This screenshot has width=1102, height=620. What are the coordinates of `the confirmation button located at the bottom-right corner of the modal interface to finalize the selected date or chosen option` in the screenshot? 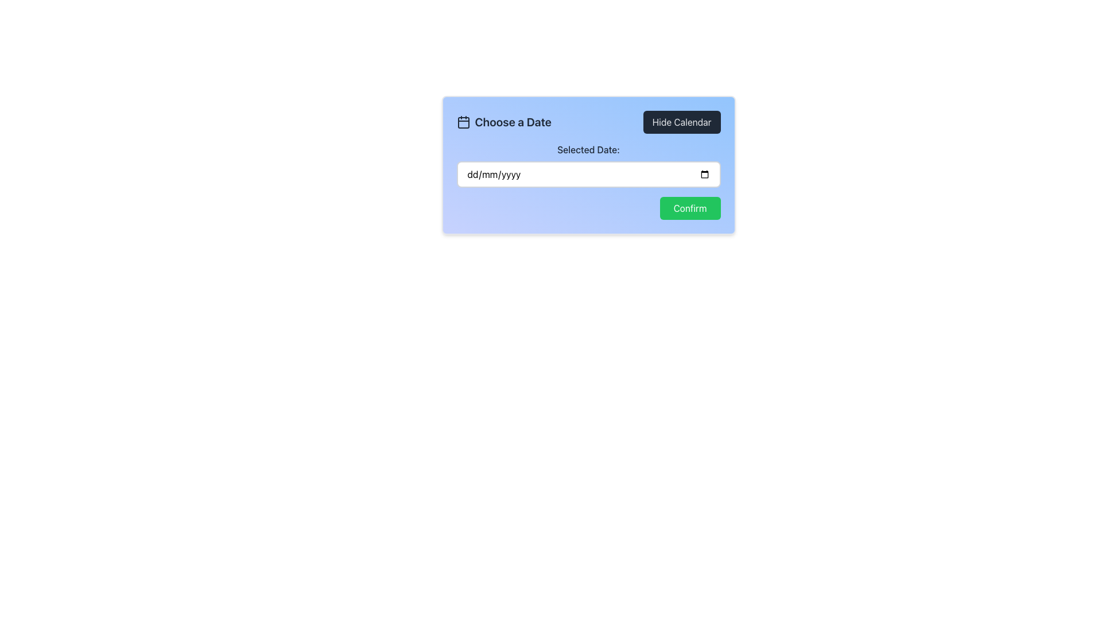 It's located at (689, 208).